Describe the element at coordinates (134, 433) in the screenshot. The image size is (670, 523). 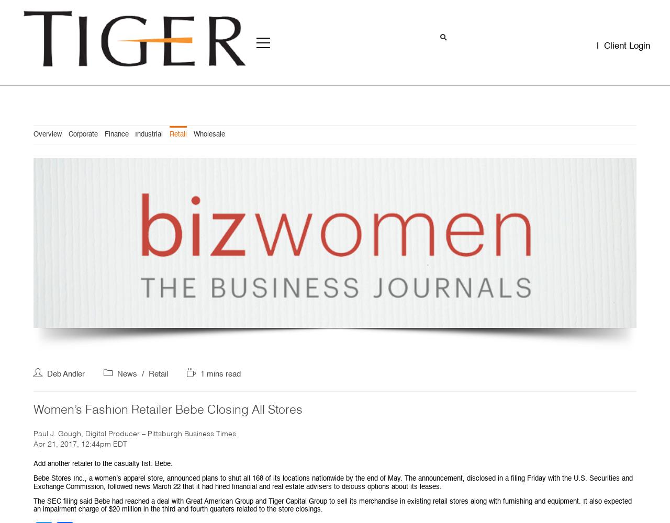
I see `'Paul J. Gough, Digital Producer – Pittsburgh Business Times'` at that location.